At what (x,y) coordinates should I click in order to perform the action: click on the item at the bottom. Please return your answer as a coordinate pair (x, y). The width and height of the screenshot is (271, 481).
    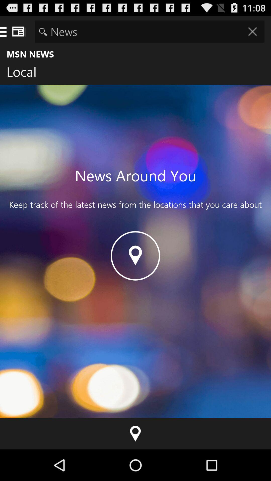
    Looking at the image, I should click on (135, 433).